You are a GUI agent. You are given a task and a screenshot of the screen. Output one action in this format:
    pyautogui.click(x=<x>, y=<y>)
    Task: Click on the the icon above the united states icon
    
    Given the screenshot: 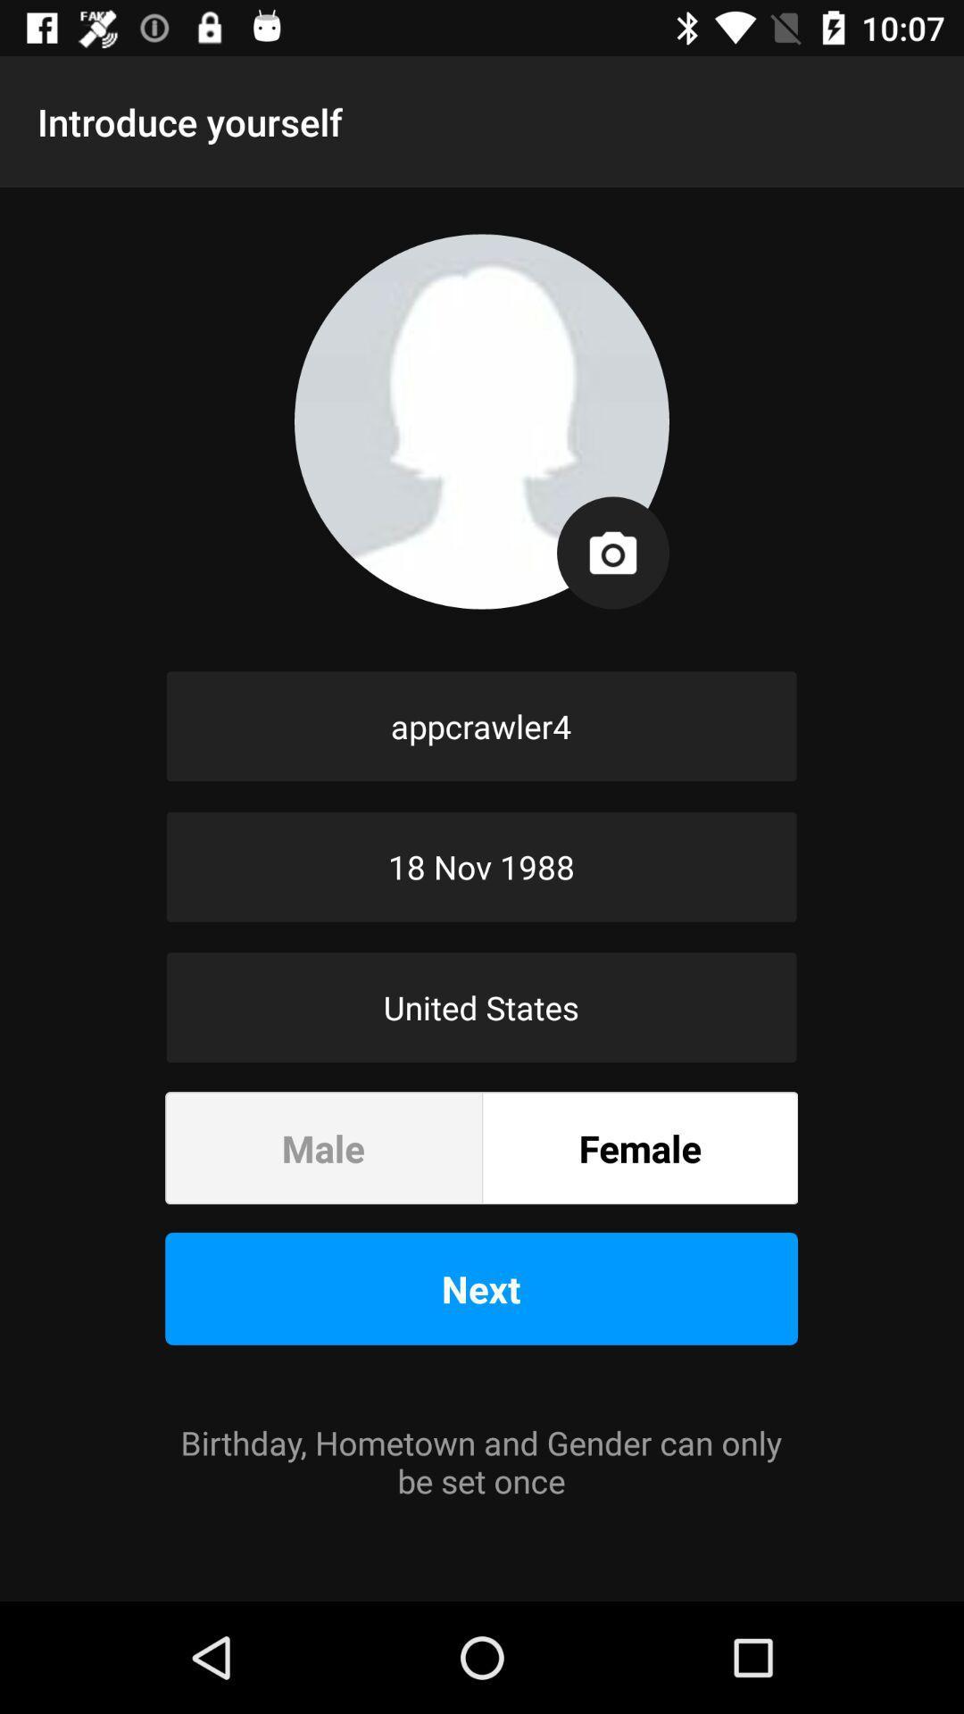 What is the action you would take?
    pyautogui.click(x=480, y=867)
    